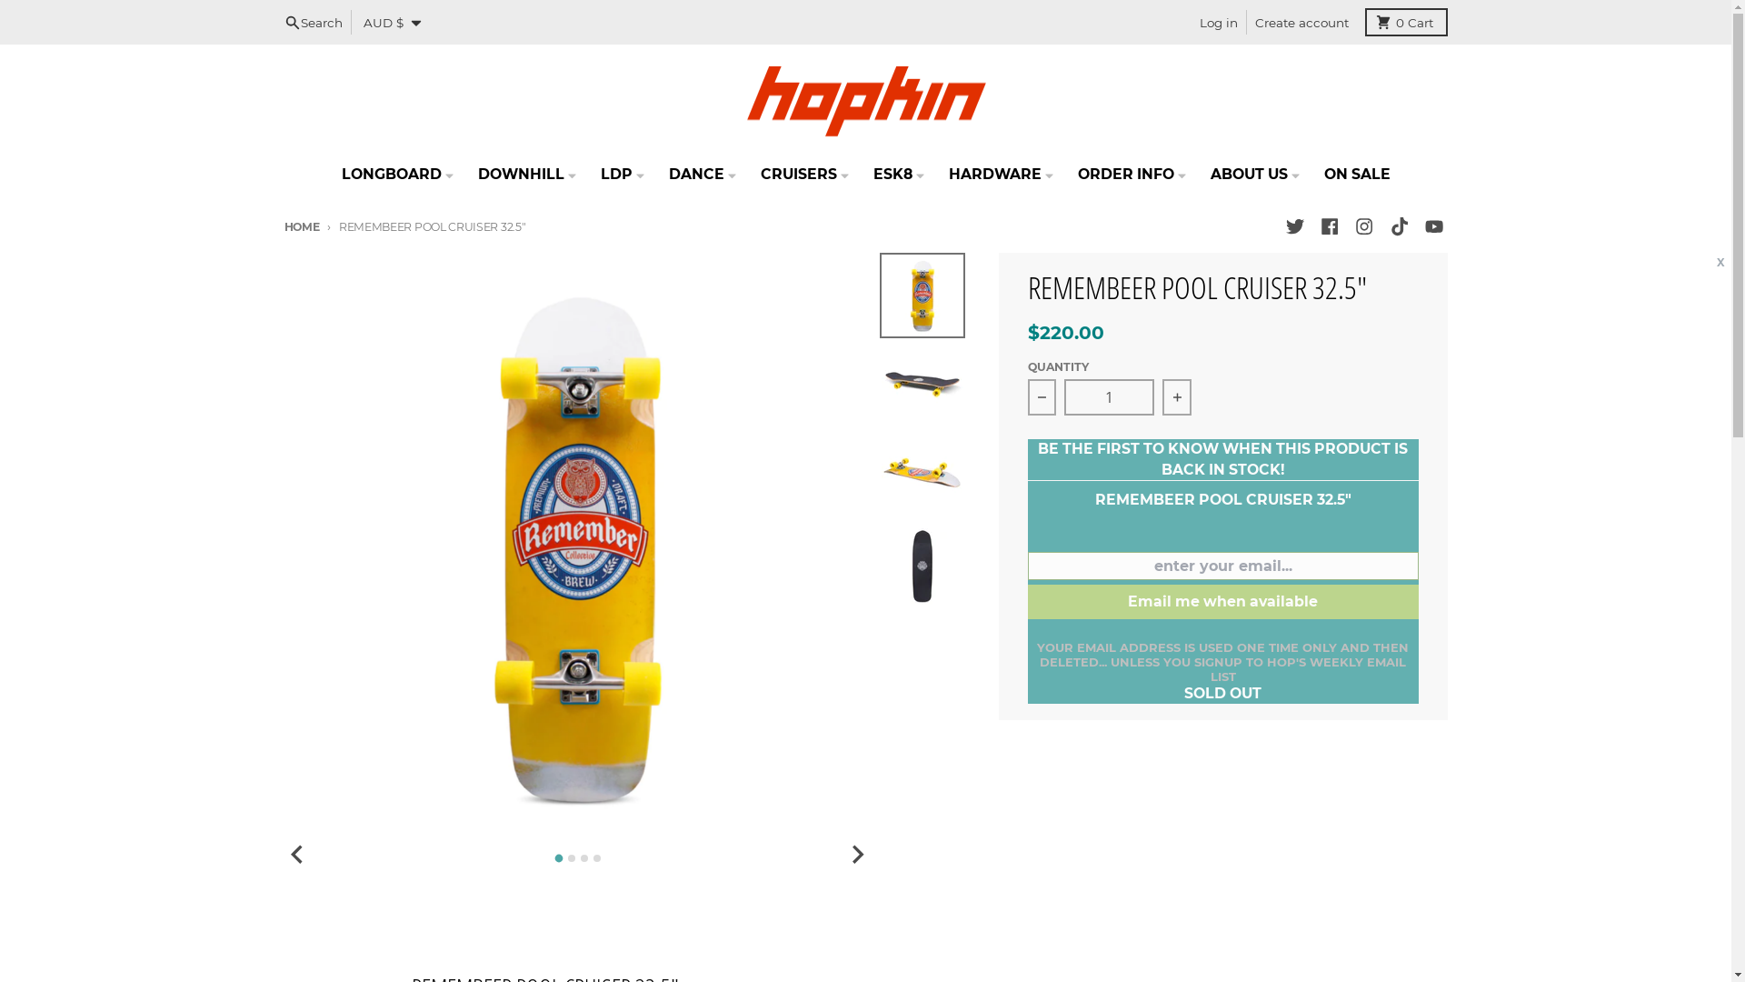 This screenshot has width=1745, height=982. Describe the element at coordinates (1432, 225) in the screenshot. I see `'YouTube - Hopkin Skate'` at that location.